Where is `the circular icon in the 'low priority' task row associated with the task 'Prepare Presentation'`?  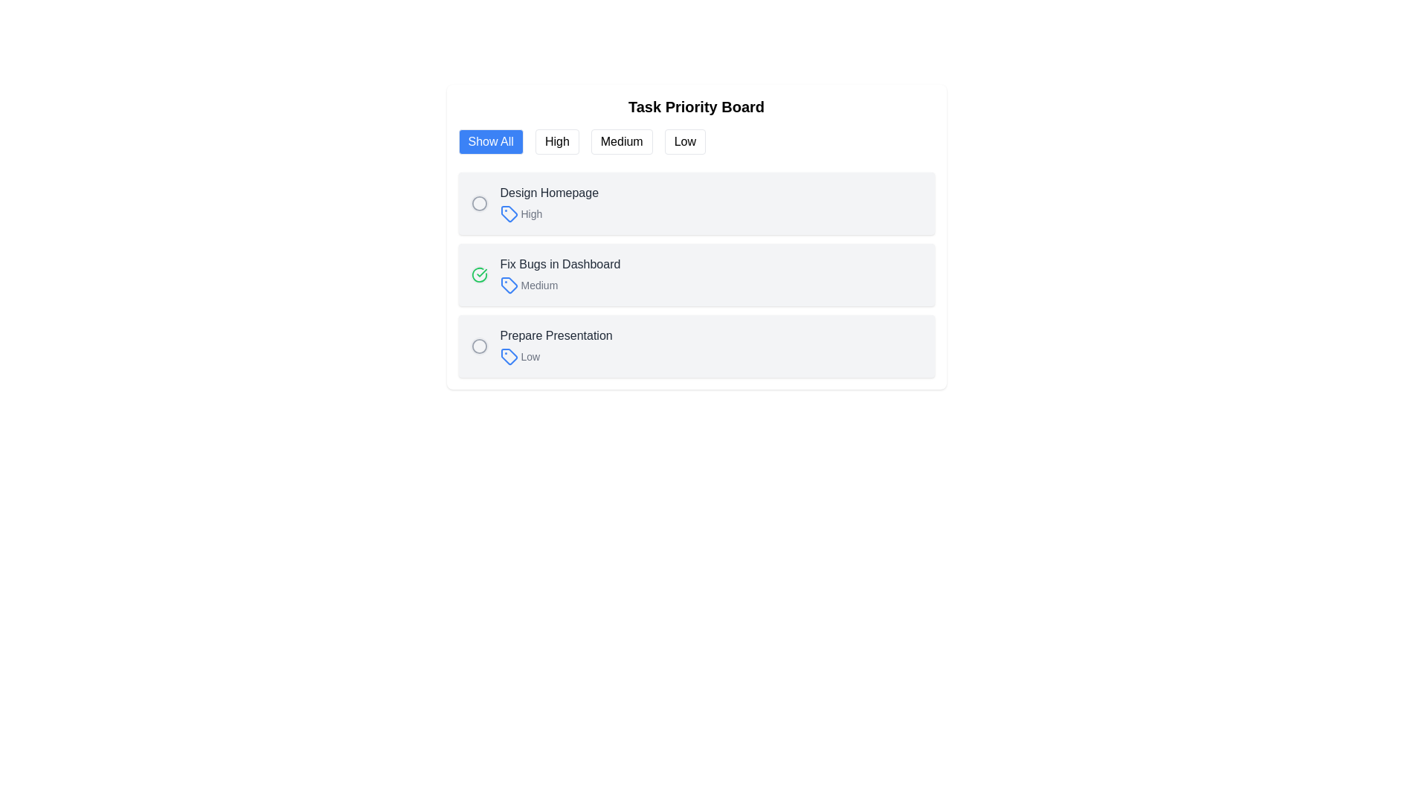
the circular icon in the 'low priority' task row associated with the task 'Prepare Presentation' is located at coordinates (479, 346).